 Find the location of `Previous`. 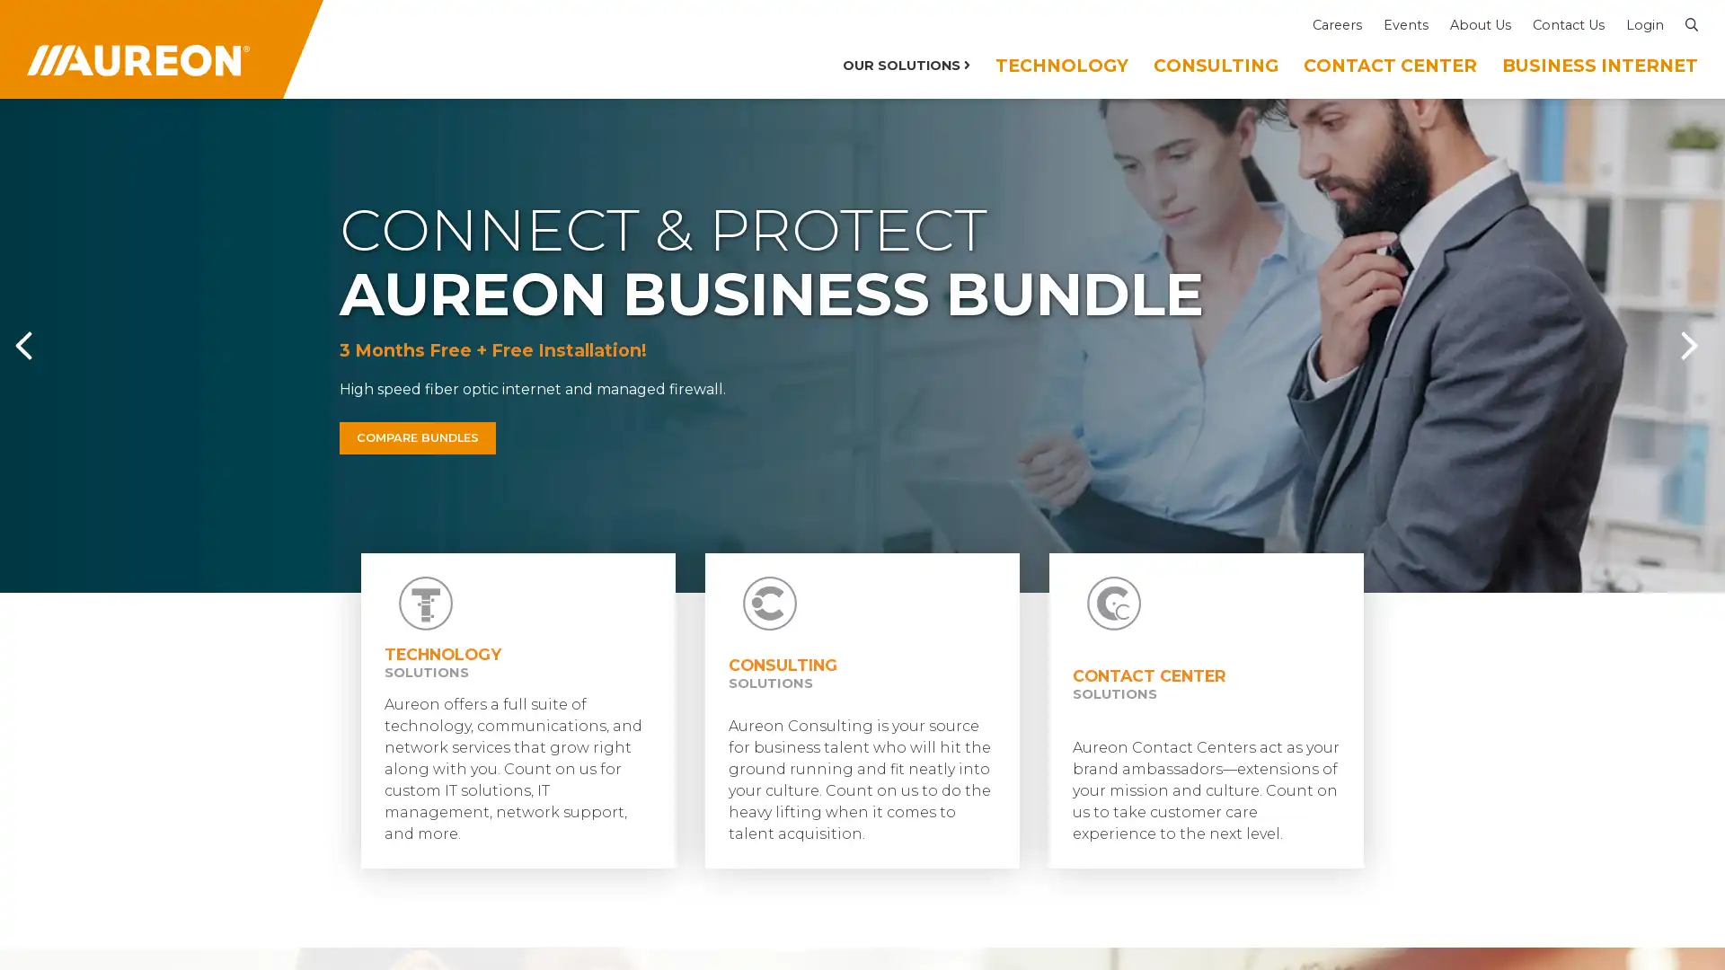

Previous is located at coordinates (30, 346).